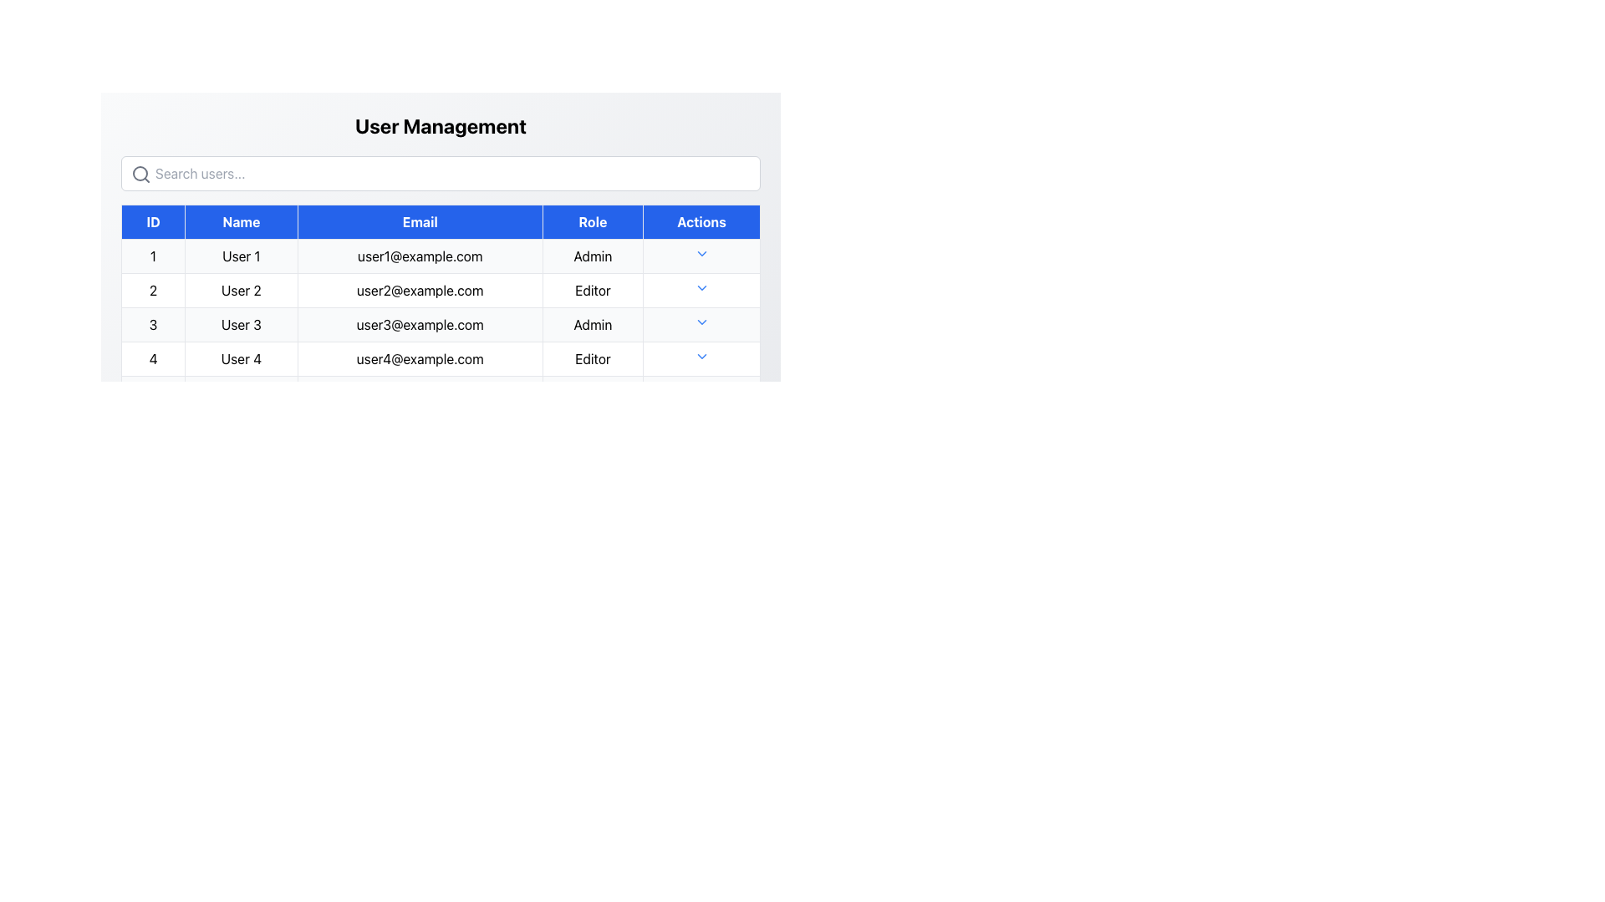 The width and height of the screenshot is (1605, 902). I want to click on the downward-facing blue chevron icon in the 'Actions' column of the table corresponding to 'User 2', so click(701, 289).